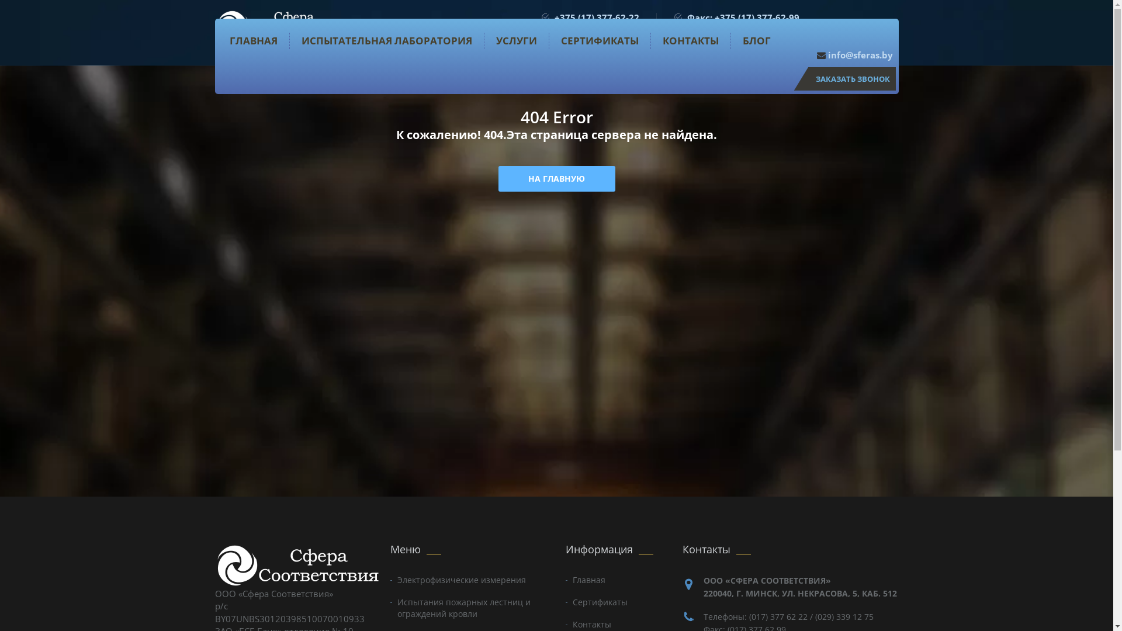  I want to click on 'info@sferas.by', so click(855, 54).